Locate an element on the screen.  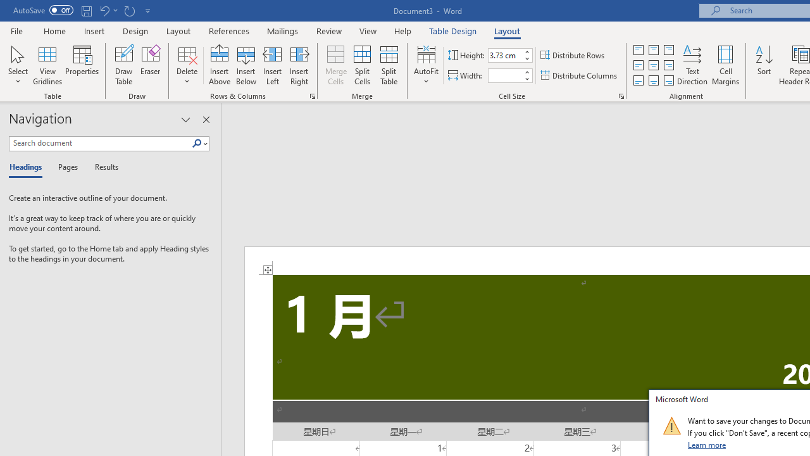
'Quick Access Toolbar' is located at coordinates (82, 10).